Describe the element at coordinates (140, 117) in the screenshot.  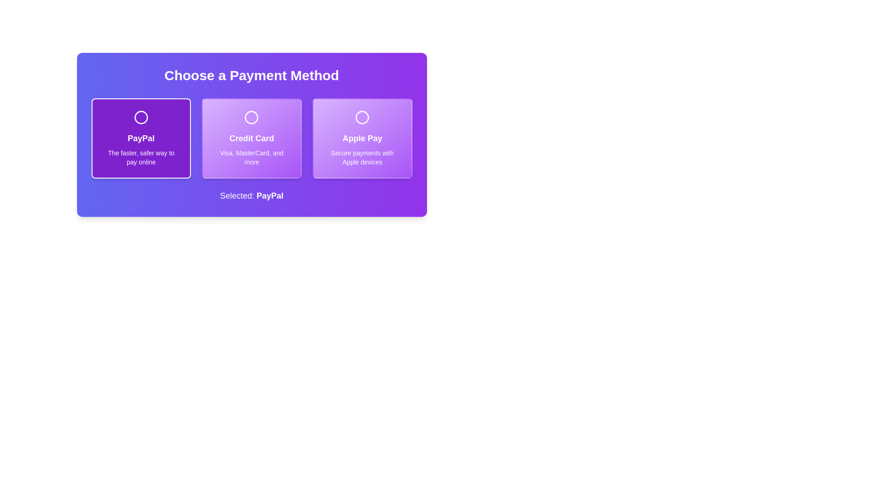
I see `the circular status indicator icon for the 'PayPal' card located at the top portion of the purple card, which is the leftmost card among three horizontal cards` at that location.